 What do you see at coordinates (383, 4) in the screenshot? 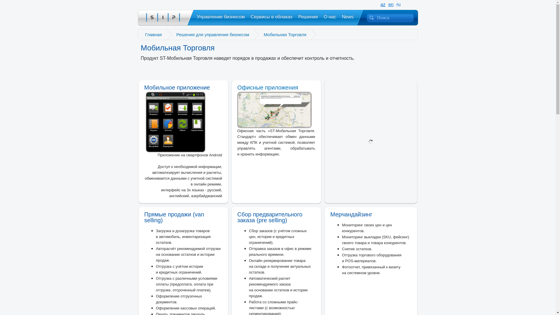
I see `'az'` at bounding box center [383, 4].